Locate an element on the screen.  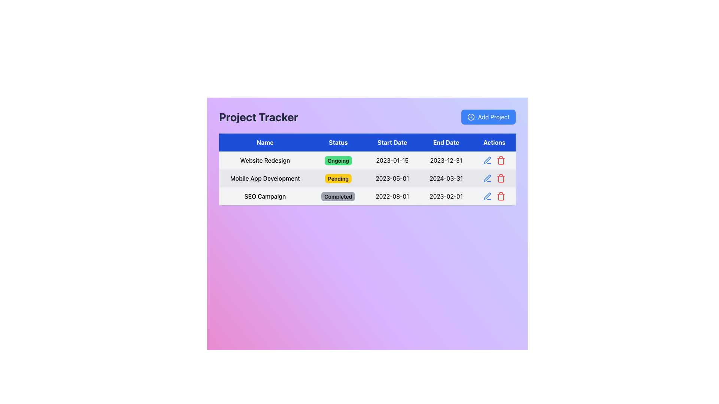
the blue pen icon in the 'Actions' column of the first entry is located at coordinates (488, 160).